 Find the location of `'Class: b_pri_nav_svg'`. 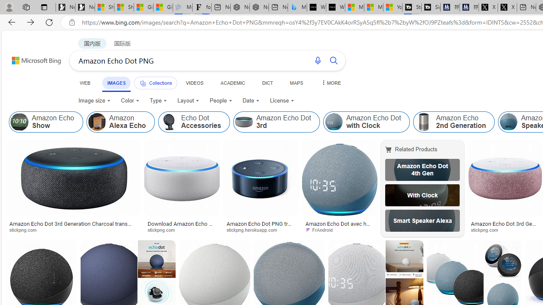

'Class: b_pri_nav_svg' is located at coordinates (143, 83).